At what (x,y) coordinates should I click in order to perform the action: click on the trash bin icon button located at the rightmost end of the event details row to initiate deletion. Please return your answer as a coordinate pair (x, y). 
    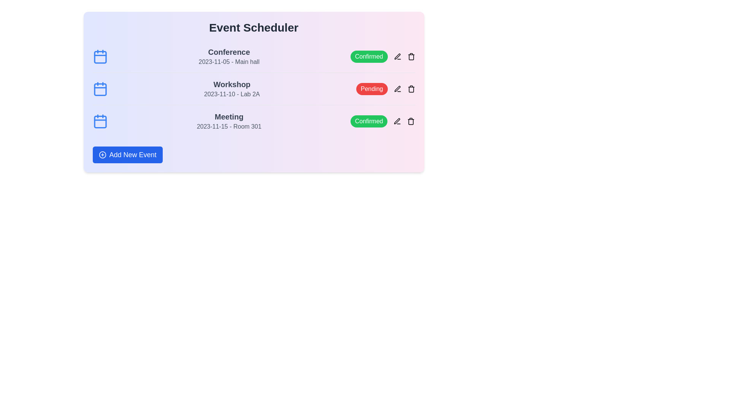
    Looking at the image, I should click on (411, 56).